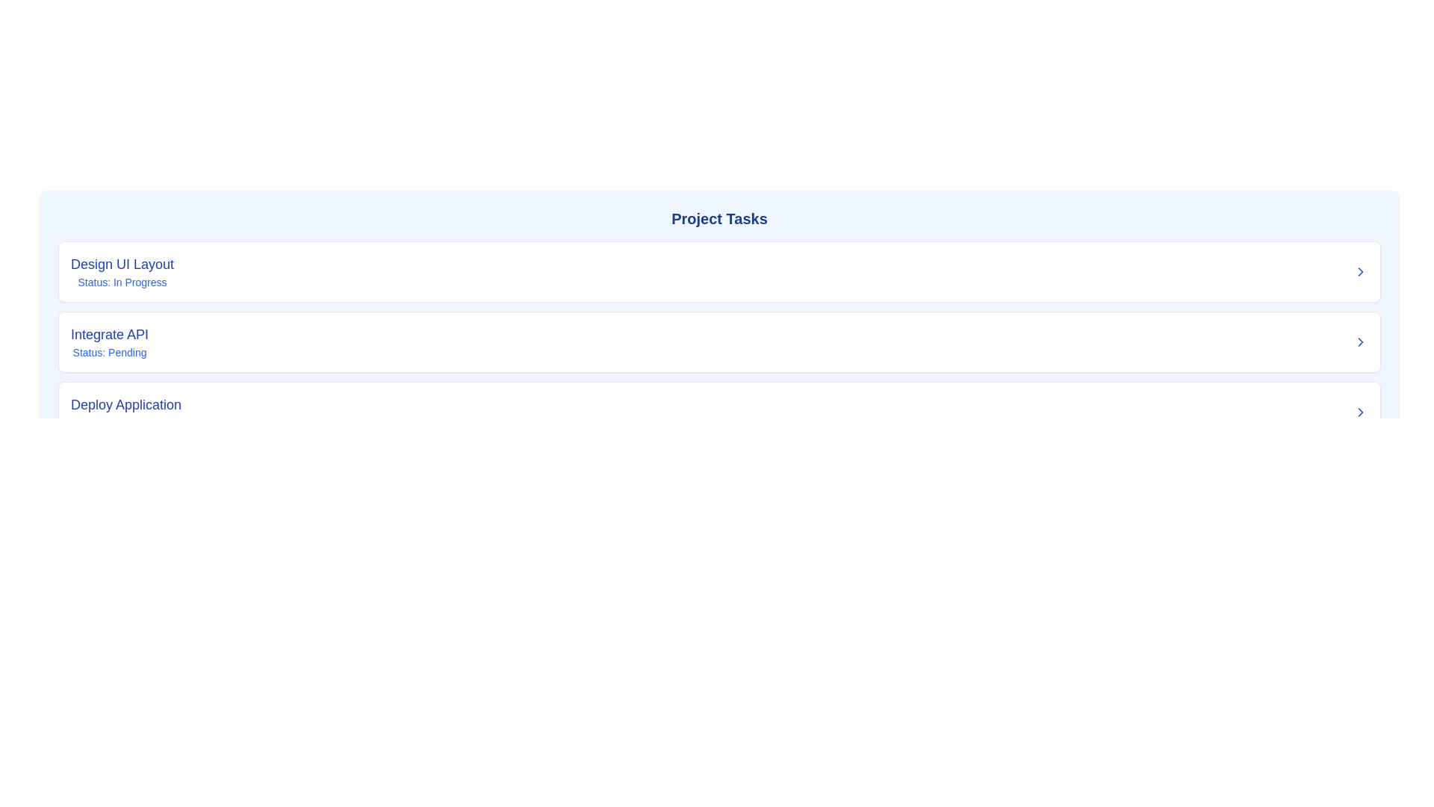 The height and width of the screenshot is (807, 1434). I want to click on the blue right-pointing chevron icon at the extreme right end of the 'Deploy Application' card to indicate focus, so click(1361, 412).